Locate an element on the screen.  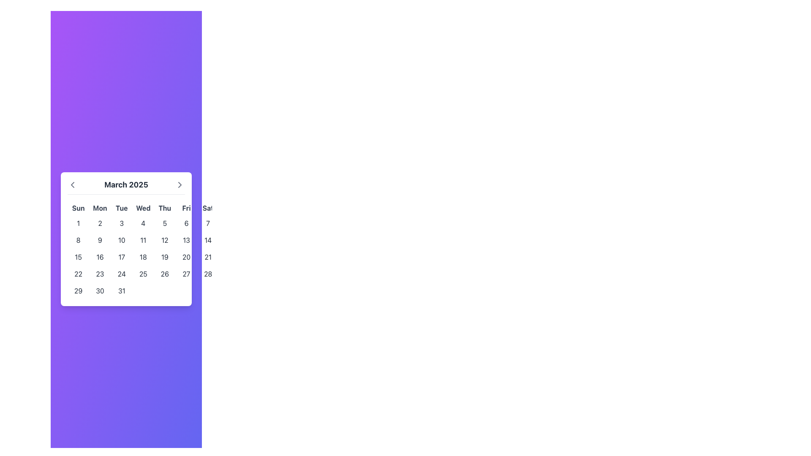
the rightmost button in the calendar header is located at coordinates (180, 184).